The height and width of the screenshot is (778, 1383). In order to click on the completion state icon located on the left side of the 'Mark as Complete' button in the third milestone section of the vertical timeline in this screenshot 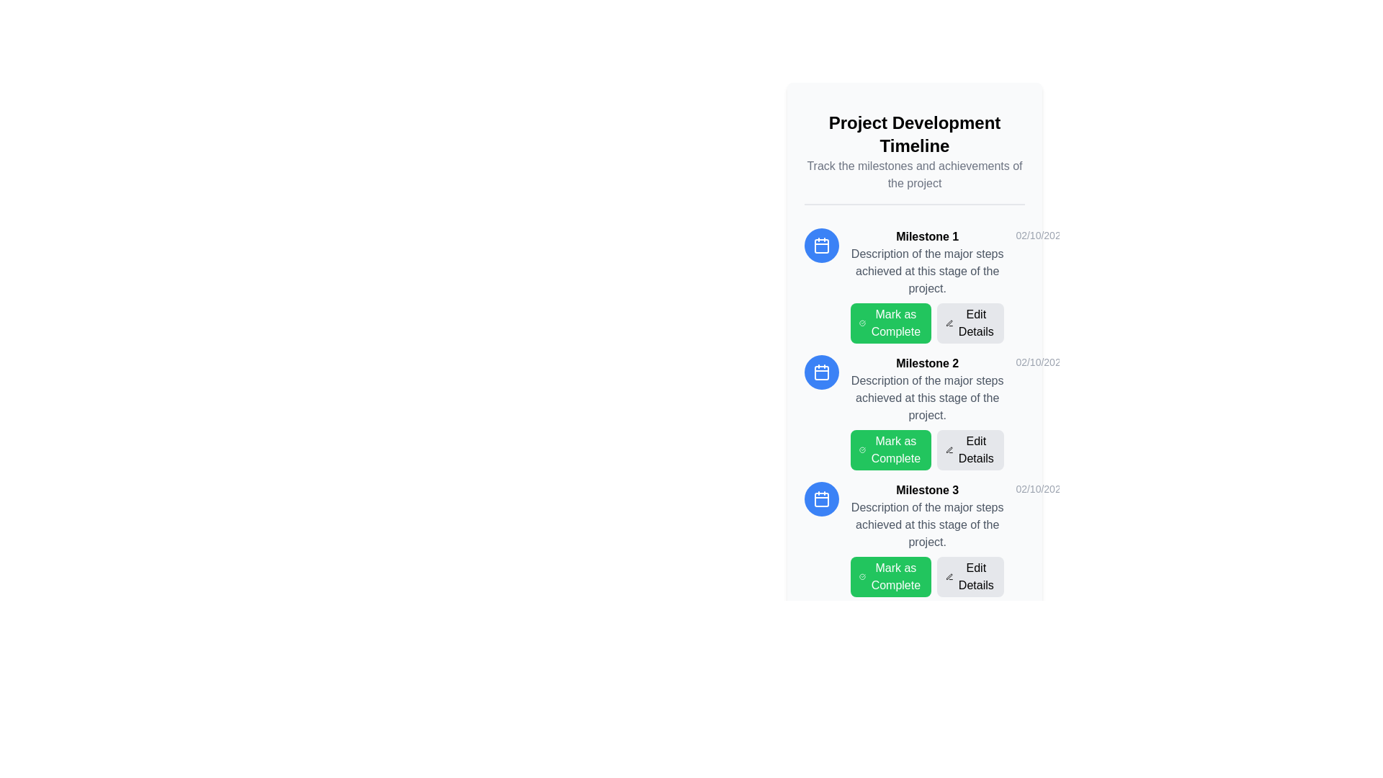, I will do `click(862, 449)`.